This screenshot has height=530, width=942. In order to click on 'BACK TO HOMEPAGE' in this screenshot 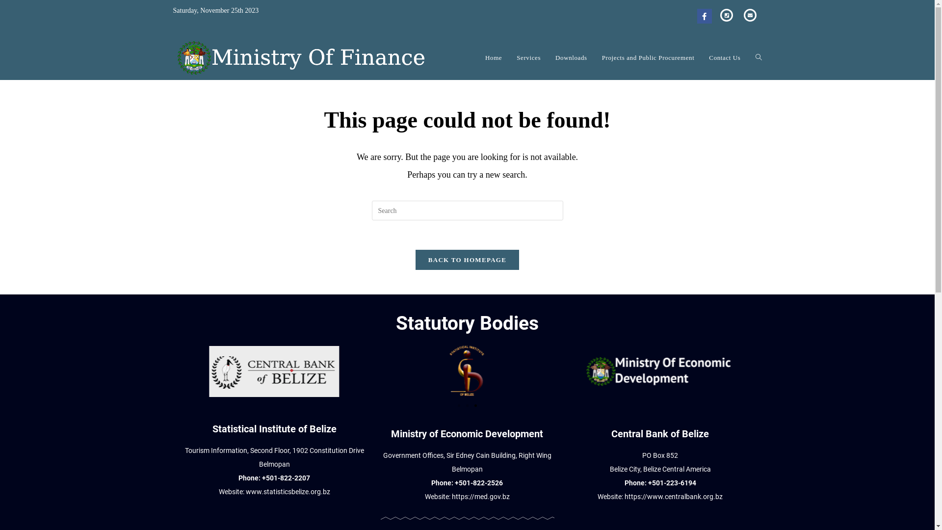, I will do `click(467, 259)`.